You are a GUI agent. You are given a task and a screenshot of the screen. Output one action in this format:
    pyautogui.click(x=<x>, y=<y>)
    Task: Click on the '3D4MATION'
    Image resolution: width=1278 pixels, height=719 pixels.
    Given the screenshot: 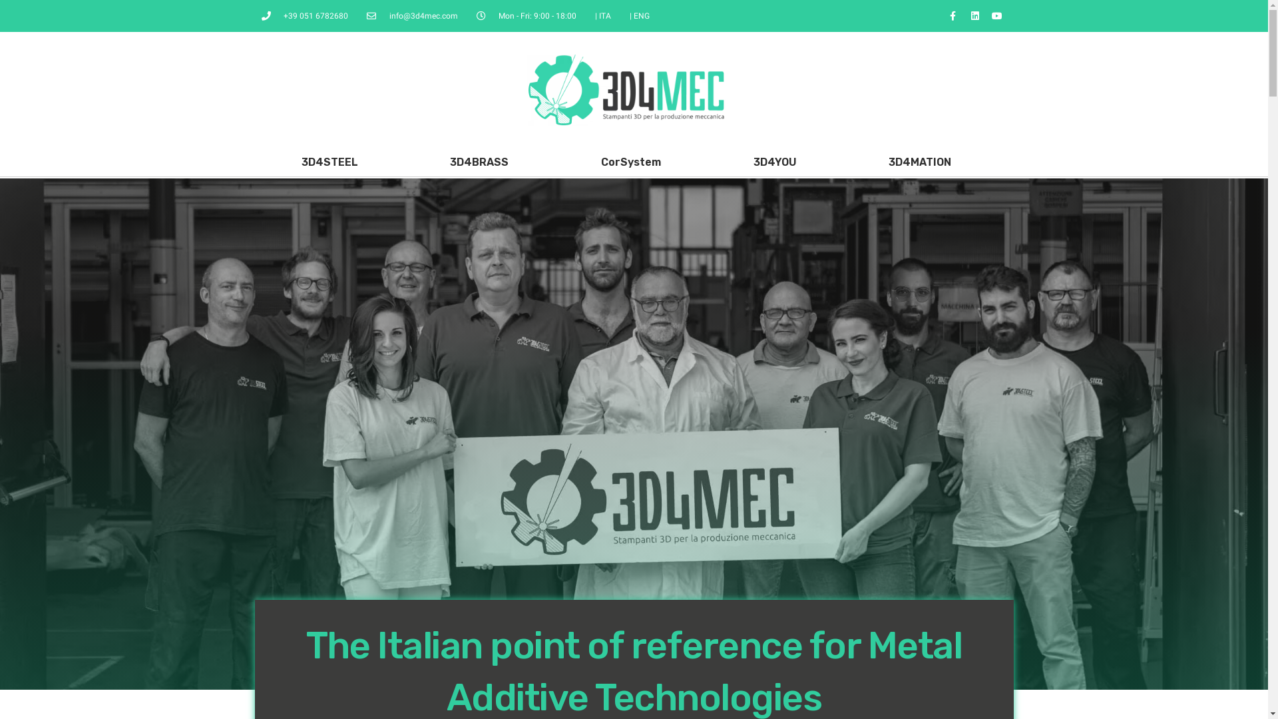 What is the action you would take?
    pyautogui.click(x=919, y=161)
    